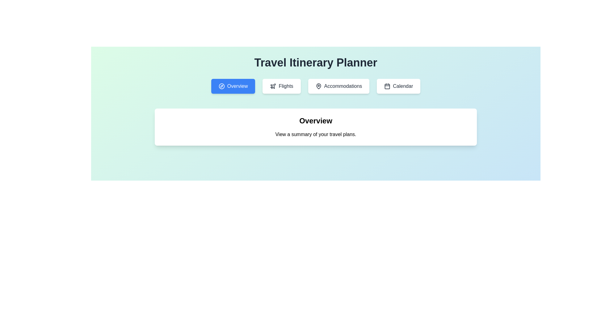 The image size is (593, 334). What do you see at coordinates (318, 86) in the screenshot?
I see `the map pin icon located within the 'Accommodations' button in the horizontal navigation bar, which is the third button from the left` at bounding box center [318, 86].